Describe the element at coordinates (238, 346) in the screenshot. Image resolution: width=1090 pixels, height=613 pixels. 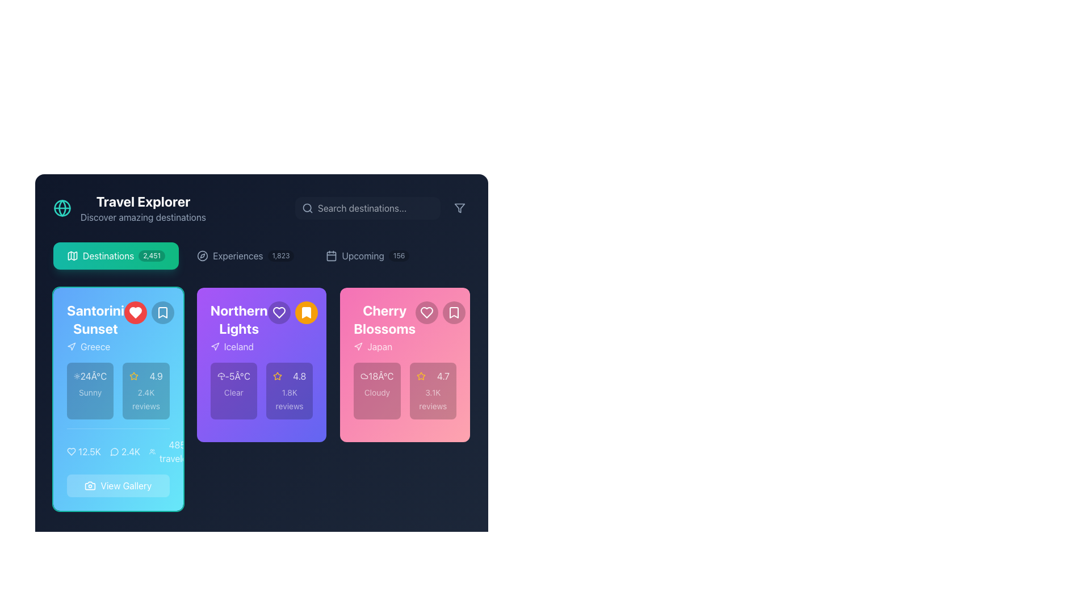
I see `text label 'Iceland' located in the bottom-left corner of the purple card titled 'Northern Lights', adjacent to a navigation icon` at that location.